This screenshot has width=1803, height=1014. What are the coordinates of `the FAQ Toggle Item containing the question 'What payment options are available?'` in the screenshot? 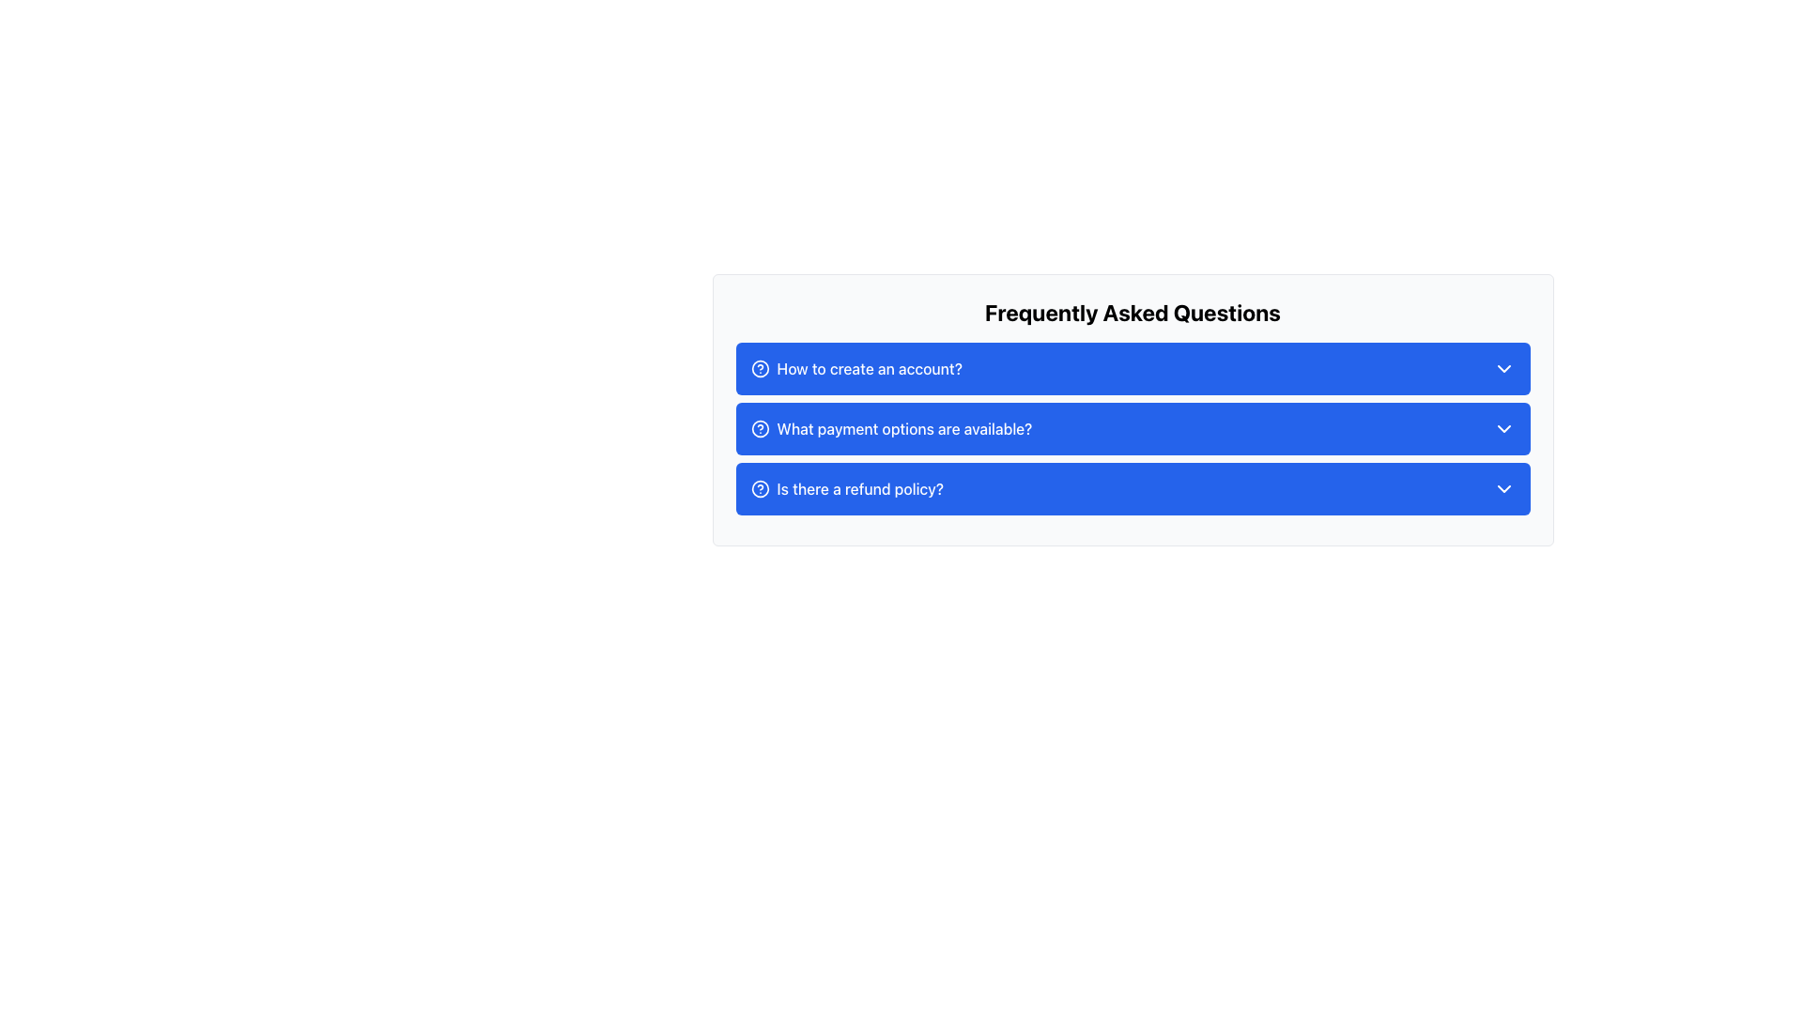 It's located at (1132, 428).